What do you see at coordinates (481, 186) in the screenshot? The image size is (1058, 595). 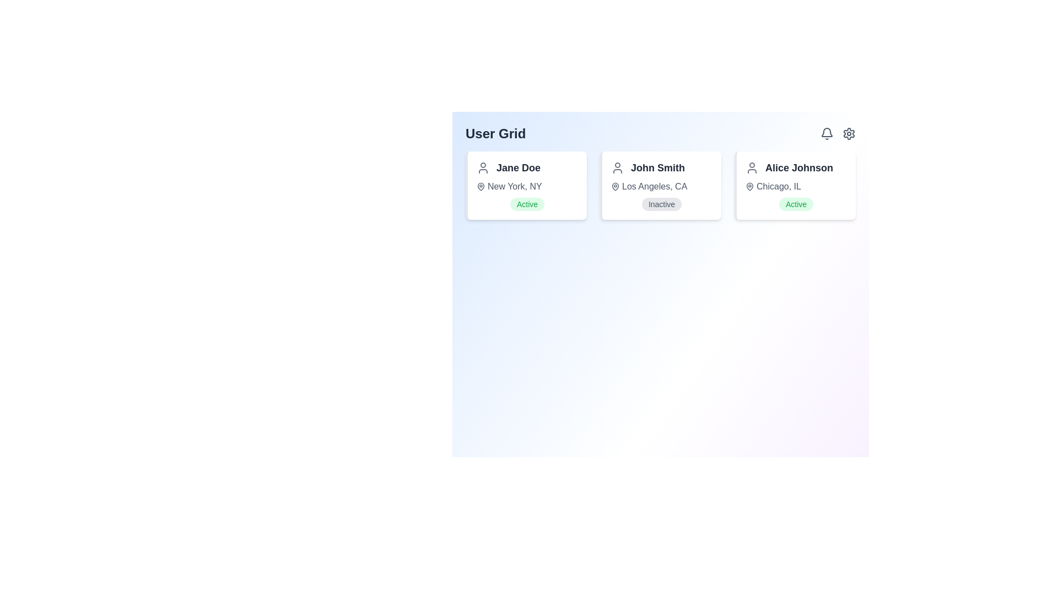 I see `the pin-shaped icon styled in line format, which is located to the left of the text 'New York, NY' in the first user information card` at bounding box center [481, 186].